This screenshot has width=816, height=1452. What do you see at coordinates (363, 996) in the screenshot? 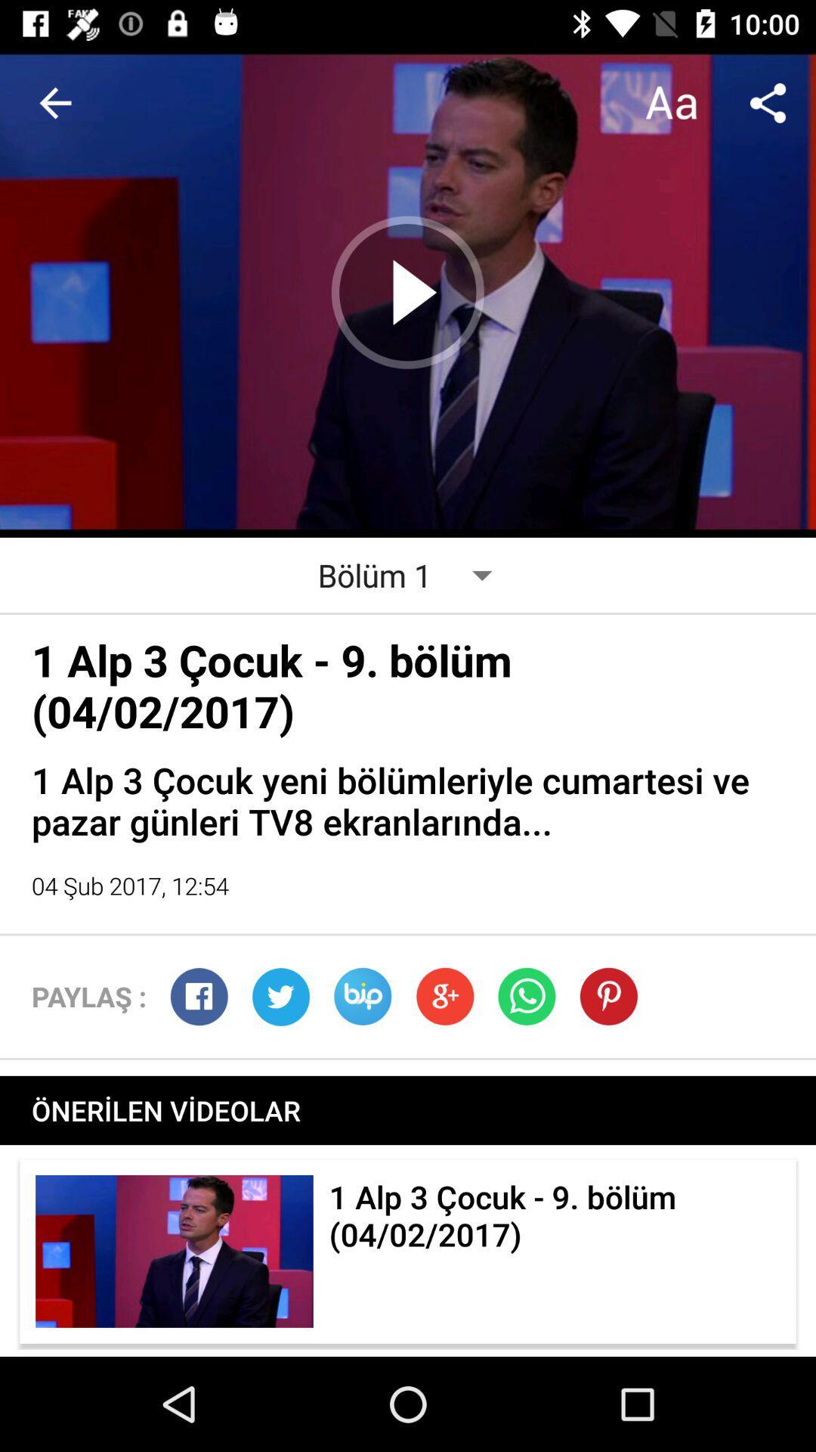
I see `the chat icon` at bounding box center [363, 996].